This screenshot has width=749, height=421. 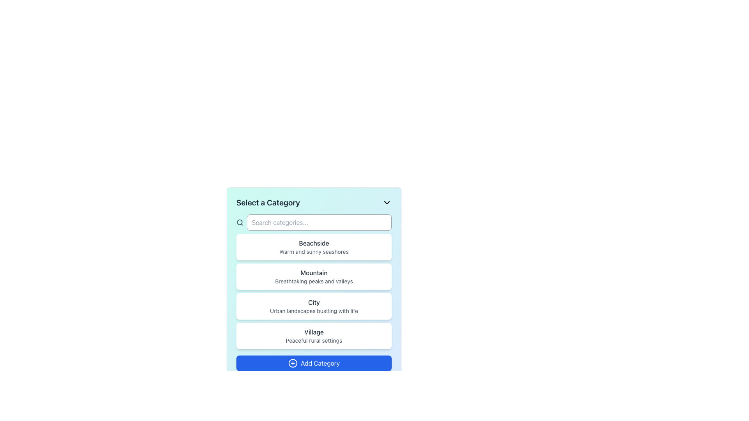 What do you see at coordinates (314, 267) in the screenshot?
I see `the 'Mountain' button, which has a white background and shadow` at bounding box center [314, 267].